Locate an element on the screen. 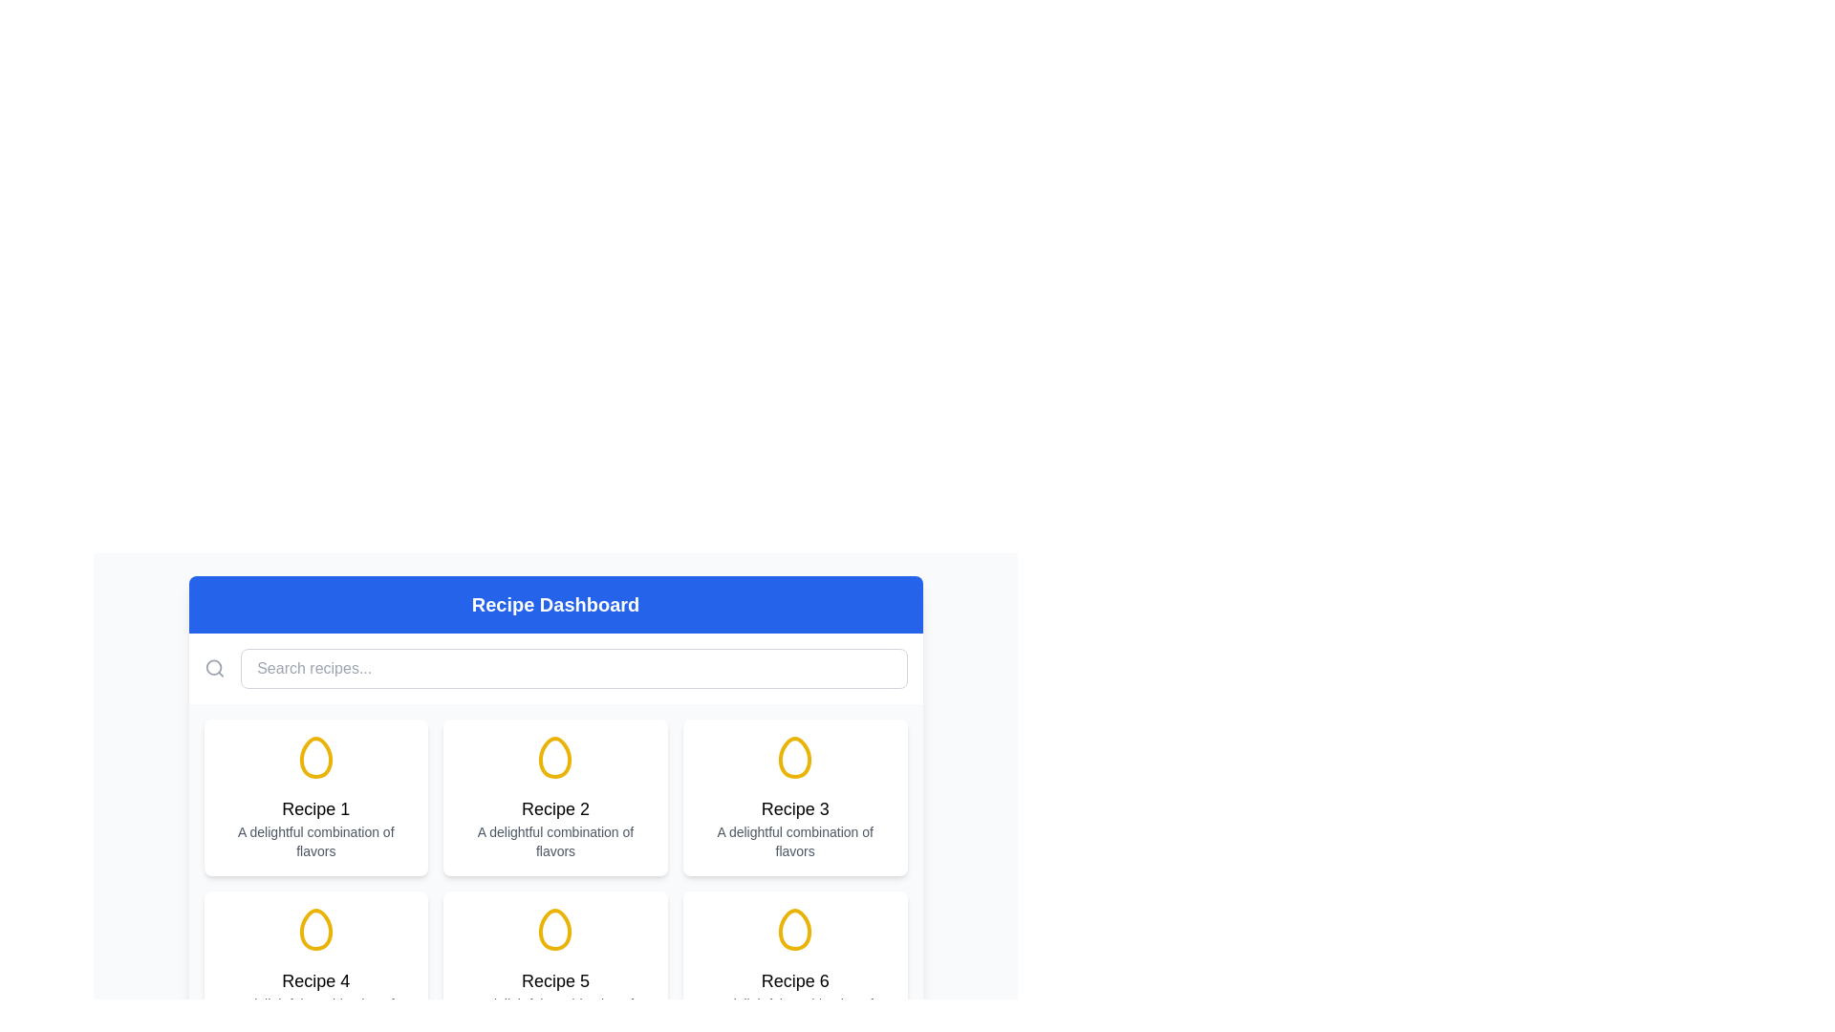  the circular shape of the search icon located in the top left corner of the header bar is located at coordinates (213, 667).